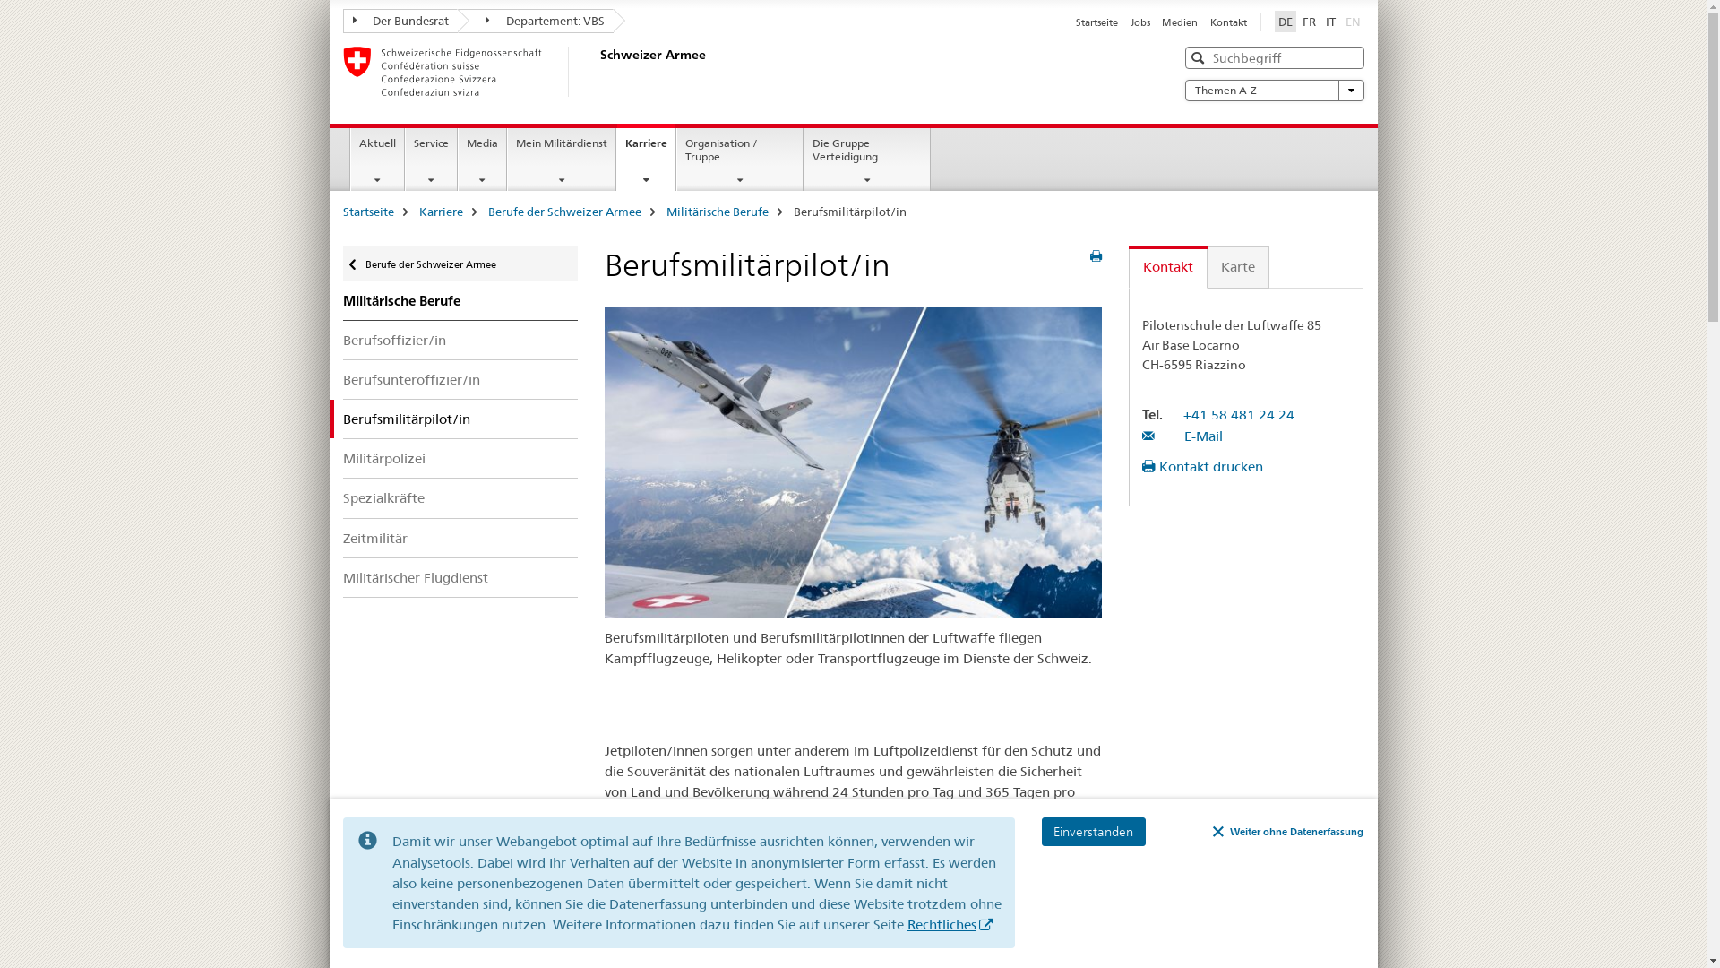  Describe the element at coordinates (1237, 267) in the screenshot. I see `'Karte'` at that location.